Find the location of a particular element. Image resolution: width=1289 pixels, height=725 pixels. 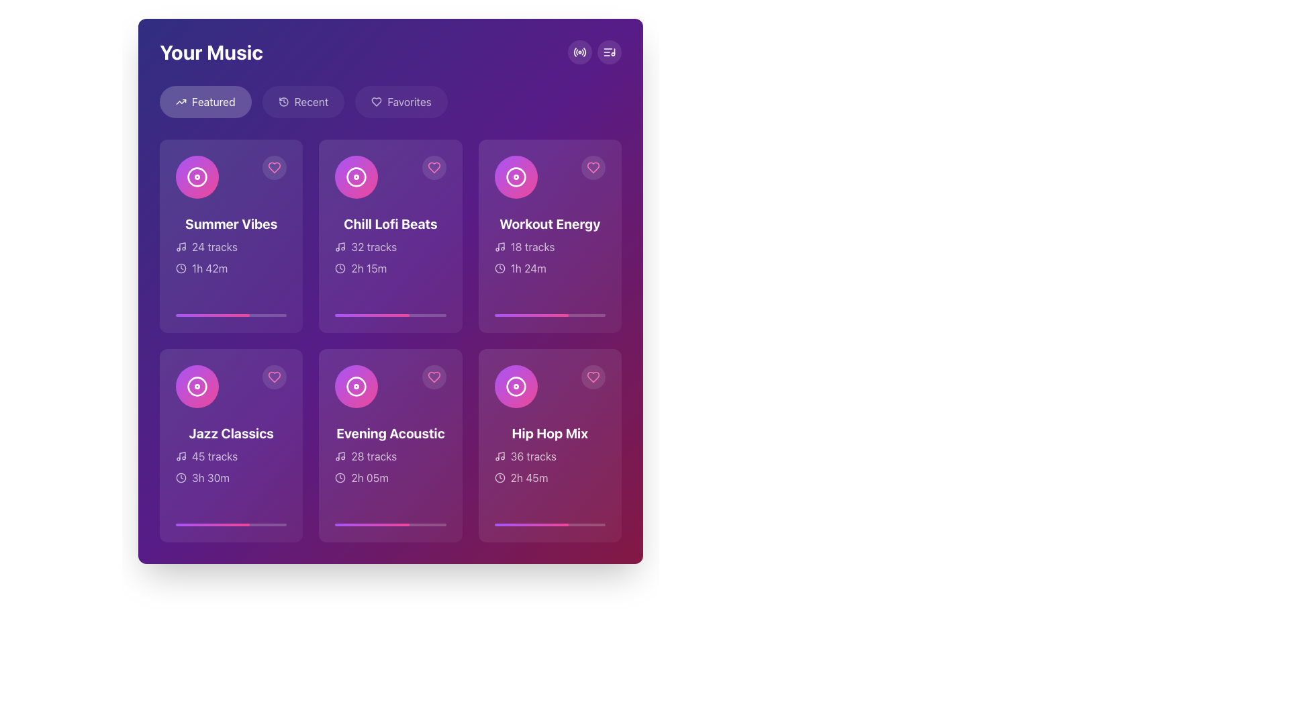

the label displaying '28 tracks' located beneath the title of the 'Evening Acoustic' card in the second row, second column of the grid layout is located at coordinates (374, 455).